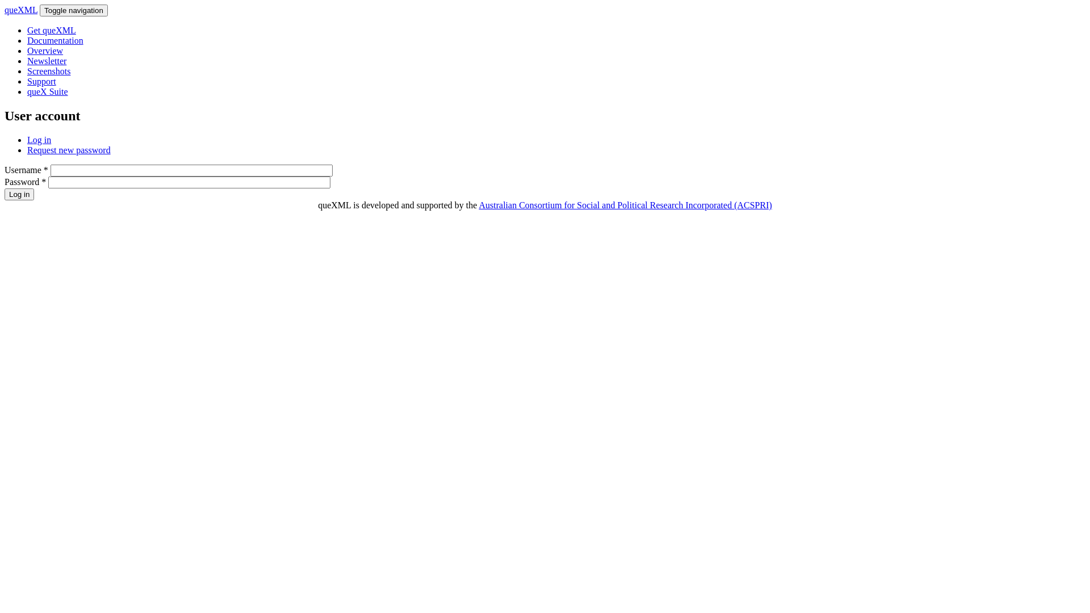 The width and height of the screenshot is (1090, 613). What do you see at coordinates (73, 10) in the screenshot?
I see `'Toggle navigation'` at bounding box center [73, 10].